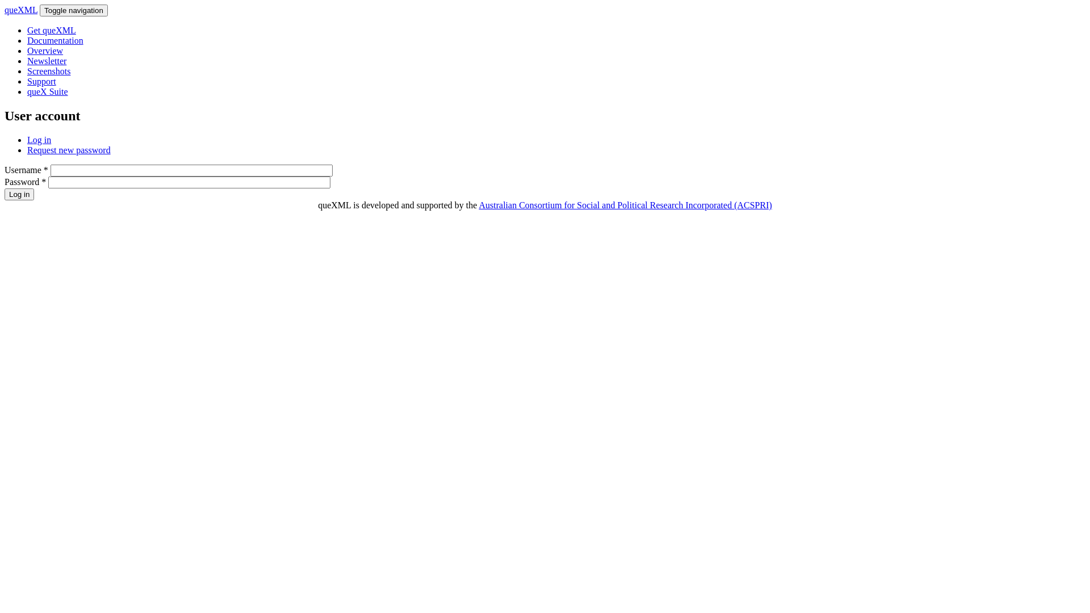 The width and height of the screenshot is (1090, 613). What do you see at coordinates (73, 10) in the screenshot?
I see `'Toggle navigation'` at bounding box center [73, 10].